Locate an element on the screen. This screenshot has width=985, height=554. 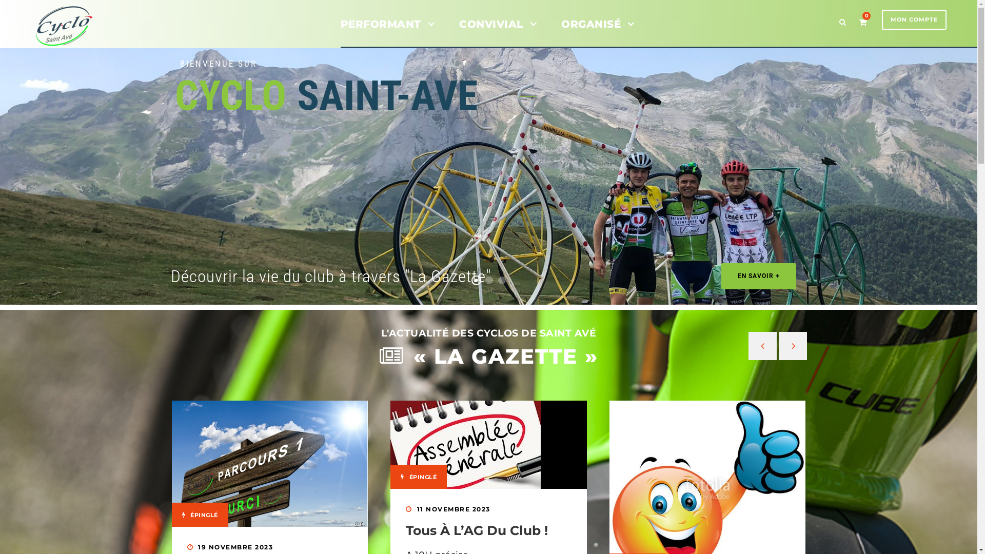
'MON COMPTE' is located at coordinates (914, 19).